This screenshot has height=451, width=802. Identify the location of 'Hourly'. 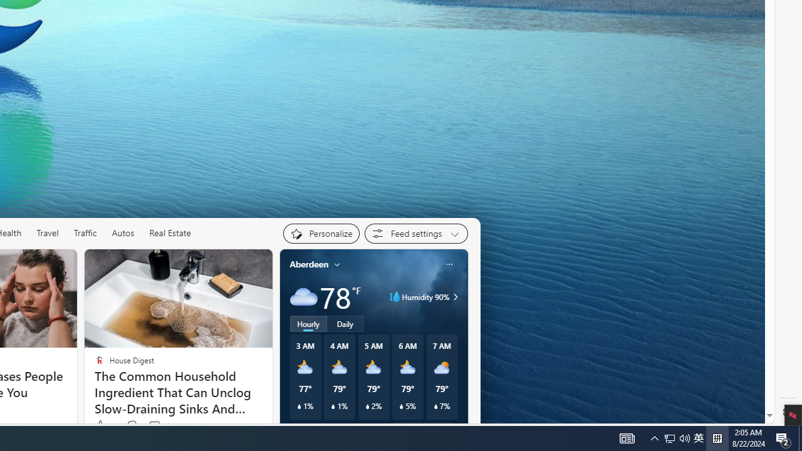
(308, 323).